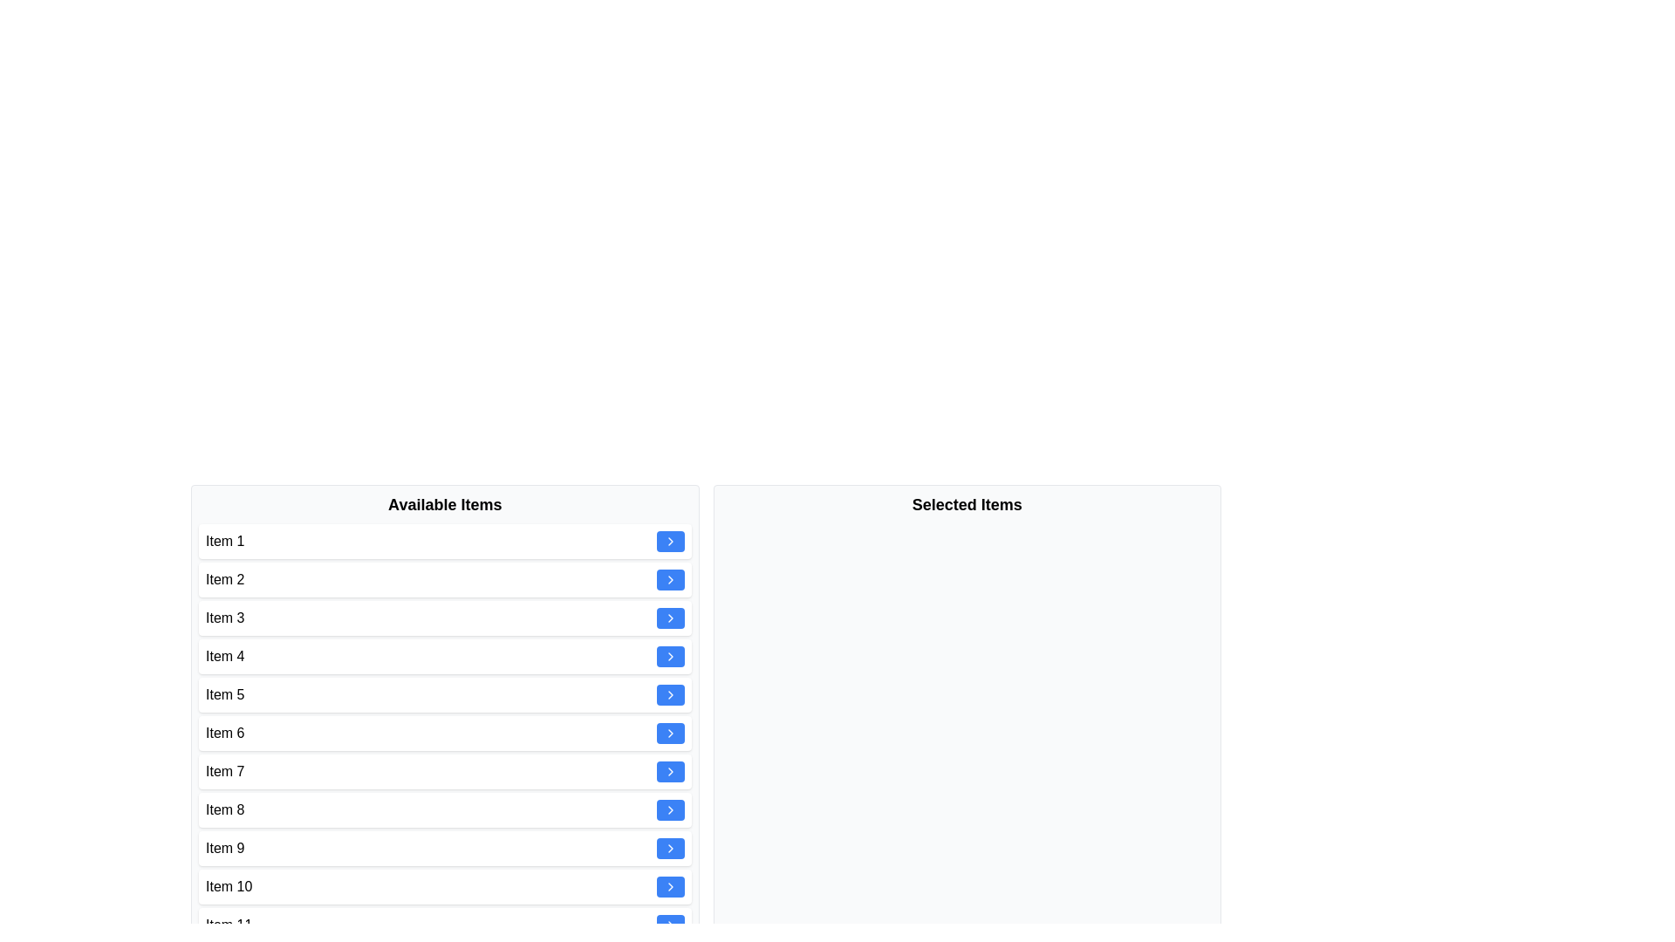 The height and width of the screenshot is (942, 1675). What do you see at coordinates (445, 656) in the screenshot?
I see `the fourth item in the selectable list labeled 'Item 4' under the 'Available Items' title` at bounding box center [445, 656].